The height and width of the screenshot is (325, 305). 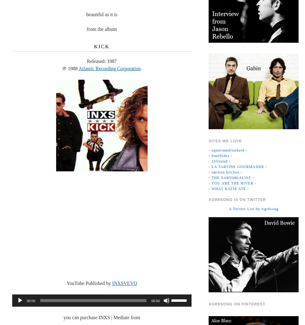 What do you see at coordinates (225, 172) in the screenshot?
I see `'- smitten kitchen -'` at bounding box center [225, 172].